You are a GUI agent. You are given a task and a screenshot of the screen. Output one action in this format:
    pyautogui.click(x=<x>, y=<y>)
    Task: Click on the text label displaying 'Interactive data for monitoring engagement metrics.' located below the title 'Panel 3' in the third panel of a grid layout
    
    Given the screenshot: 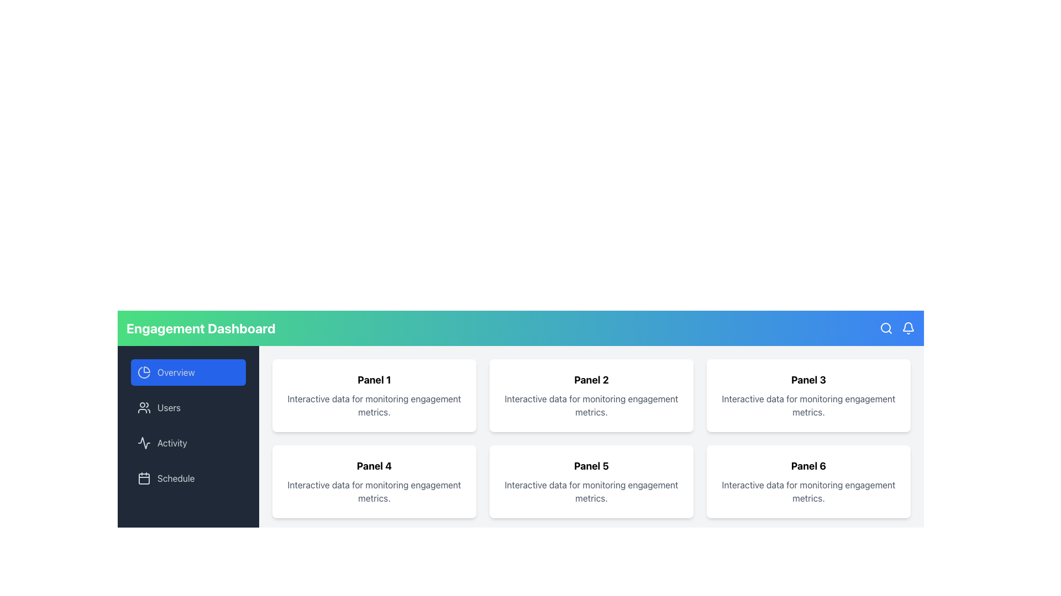 What is the action you would take?
    pyautogui.click(x=808, y=406)
    